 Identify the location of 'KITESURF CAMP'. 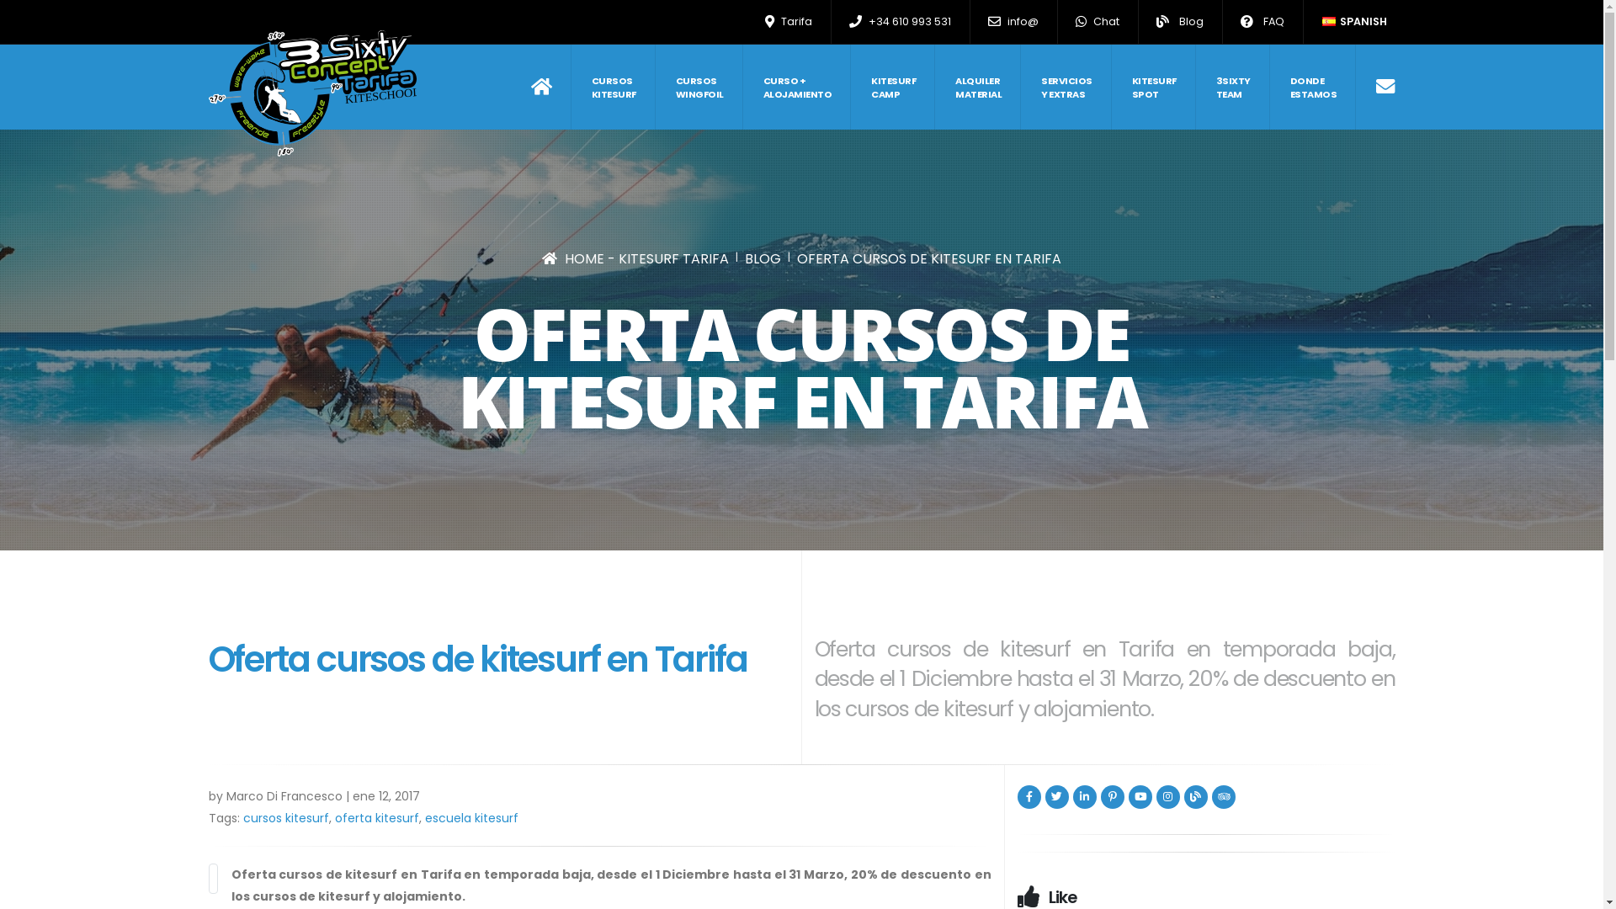
(892, 87).